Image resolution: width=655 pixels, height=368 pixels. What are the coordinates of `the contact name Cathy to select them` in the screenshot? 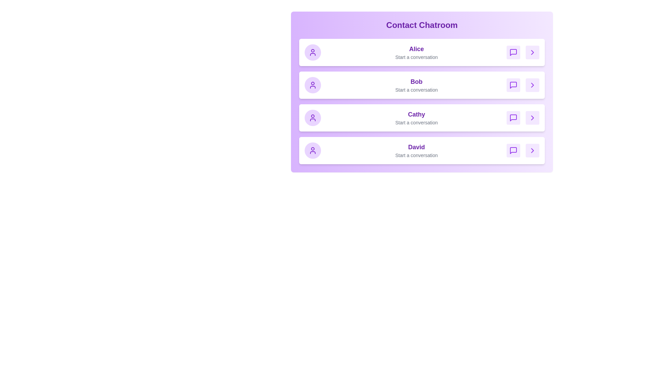 It's located at (416, 114).